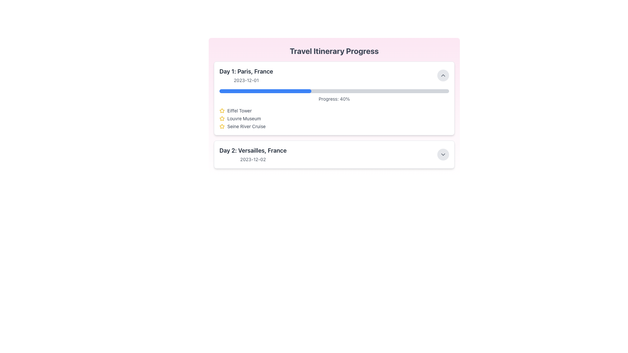  Describe the element at coordinates (246, 72) in the screenshot. I see `text content of the text label that displays 'Day 1: Paris, France', prominently positioned at the top-left of the travel itinerary card` at that location.